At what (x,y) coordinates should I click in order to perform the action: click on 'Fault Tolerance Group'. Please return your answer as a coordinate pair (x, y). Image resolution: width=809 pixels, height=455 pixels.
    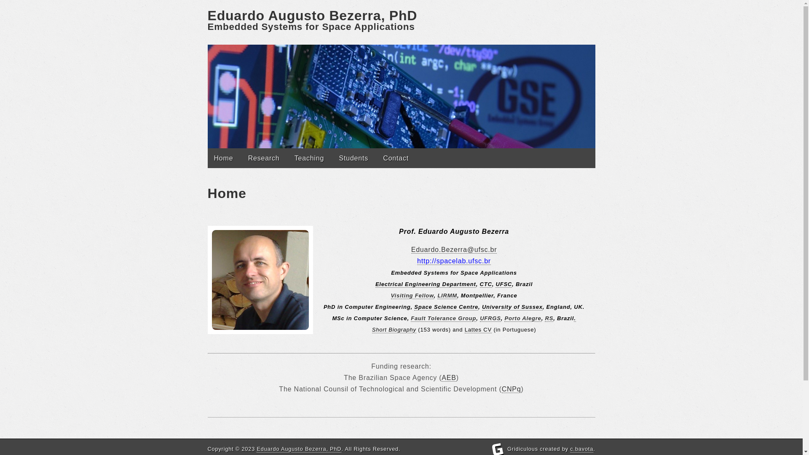
    Looking at the image, I should click on (443, 318).